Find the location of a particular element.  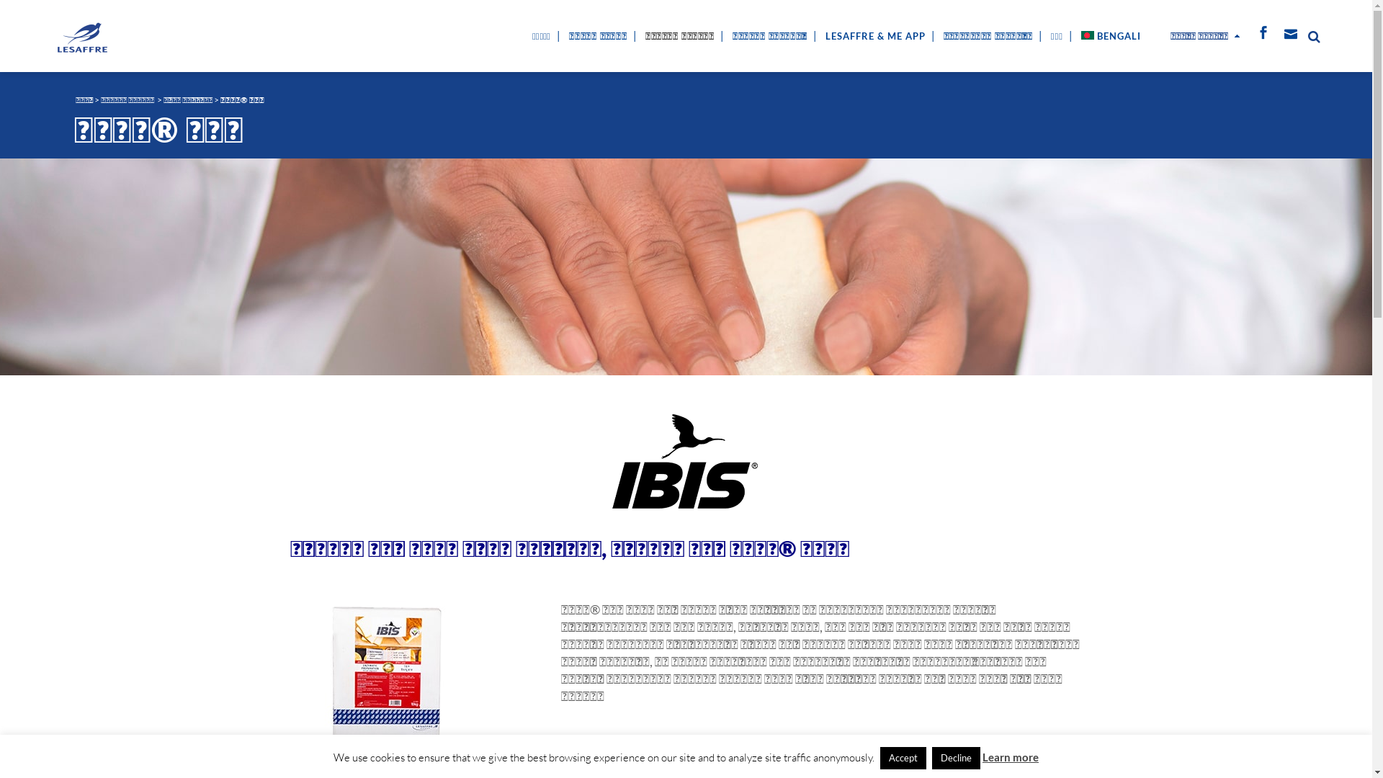

'BENGALI' is located at coordinates (1074, 35).